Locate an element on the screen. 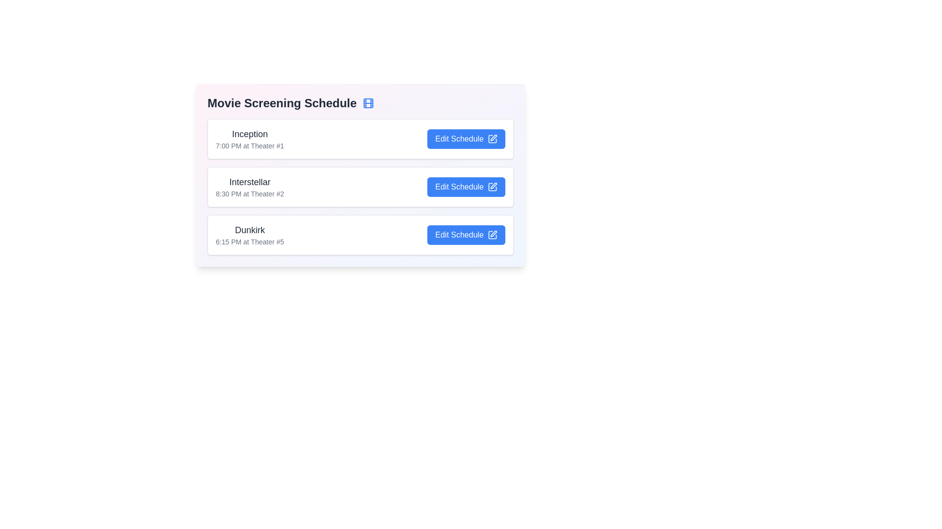 The height and width of the screenshot is (529, 942). the 'Edit Schedule' button for the movie titled Interstellar is located at coordinates (466, 187).